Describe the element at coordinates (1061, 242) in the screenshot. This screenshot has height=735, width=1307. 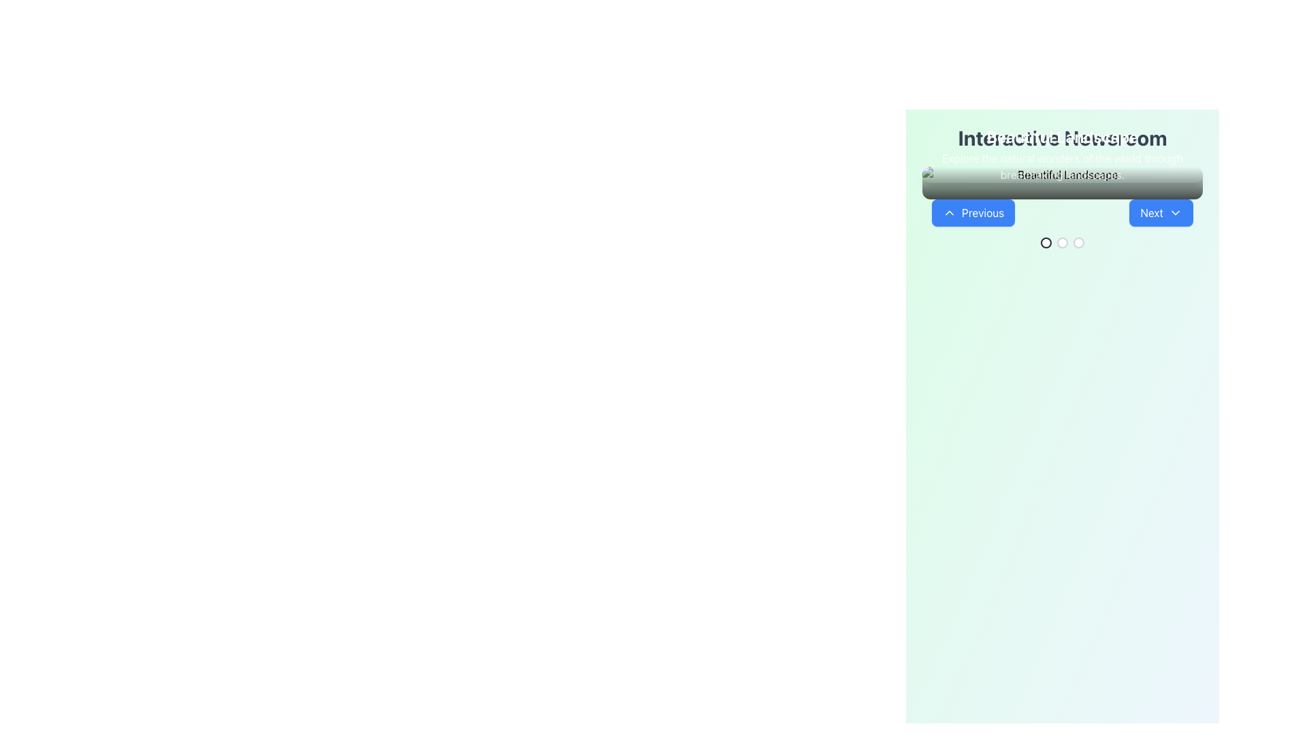
I see `the Pagination indicator element, which consists of three small circular icons with the middle one highlighted as active, located near the bottom of the content area` at that location.